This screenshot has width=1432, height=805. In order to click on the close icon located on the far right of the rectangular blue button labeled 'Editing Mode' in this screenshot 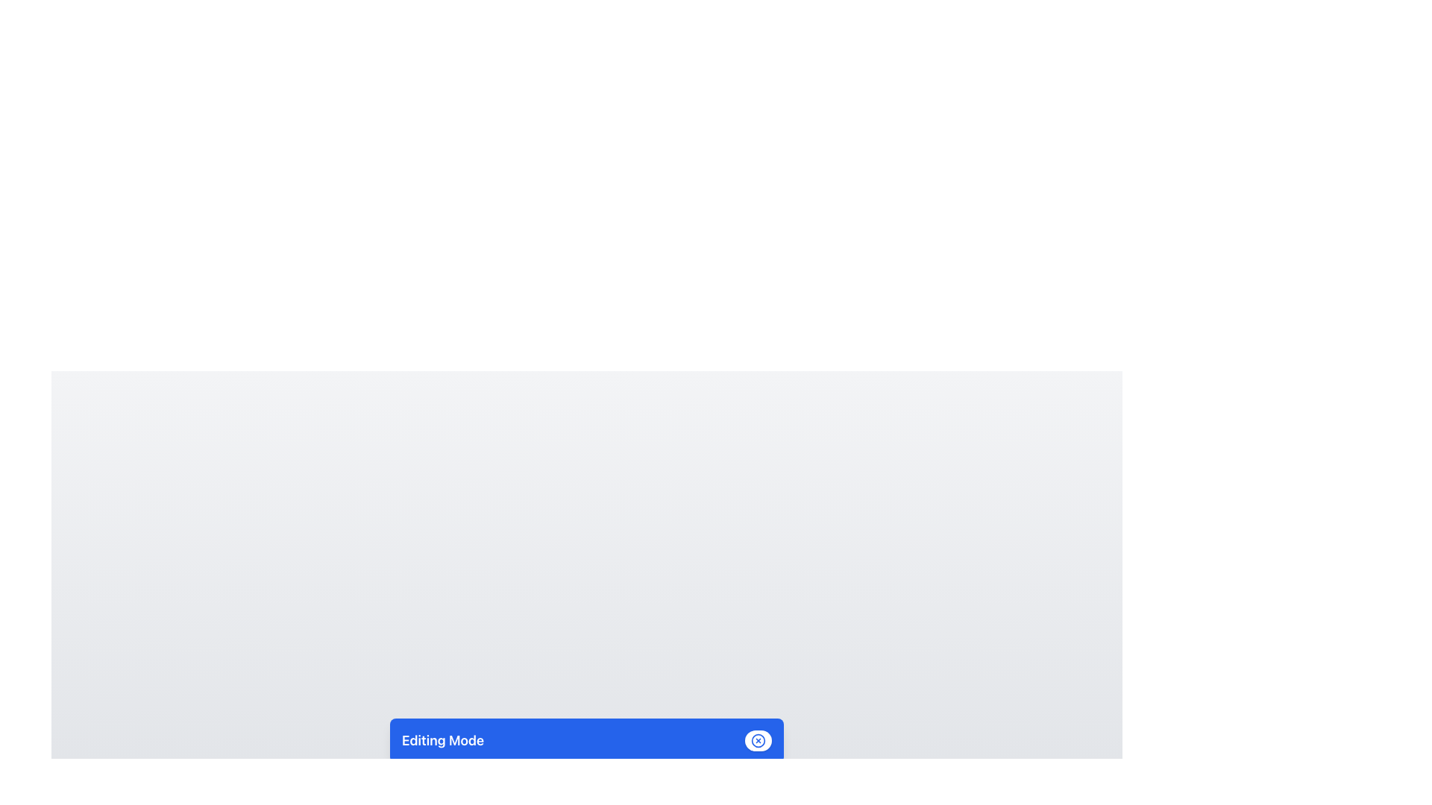, I will do `click(759, 741)`.